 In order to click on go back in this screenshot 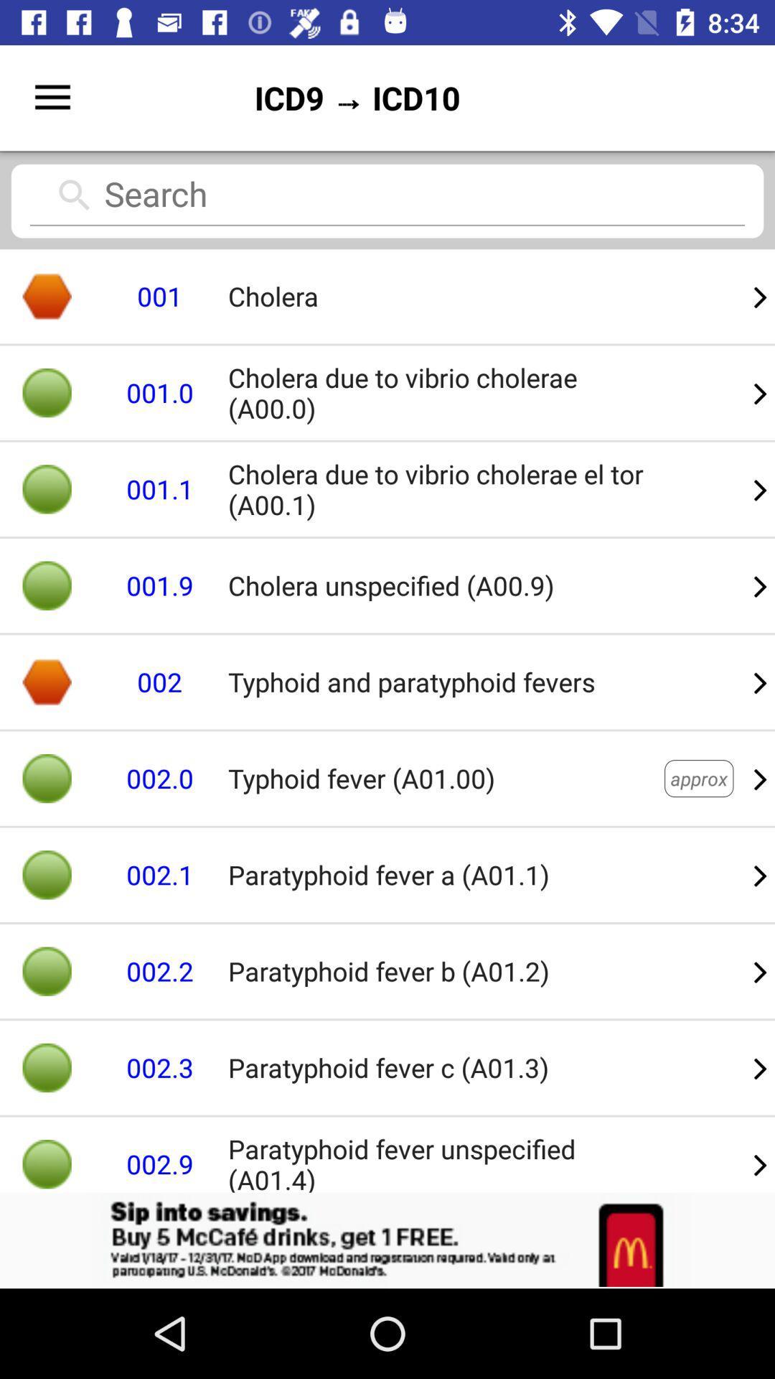, I will do `click(387, 1240)`.